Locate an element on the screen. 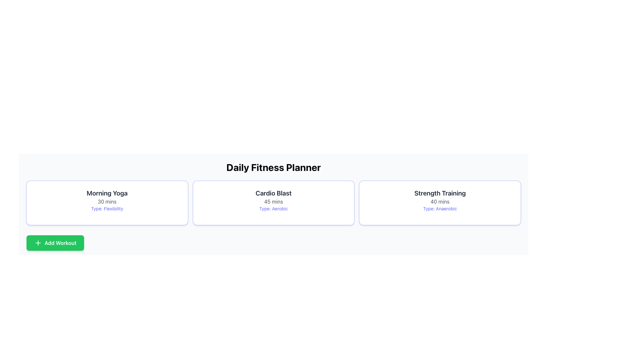 This screenshot has height=349, width=621. the 'Add Workout' button located at the bottom-left corner of the interface, below the 'Daily Fitness Planner' section is located at coordinates (55, 243).